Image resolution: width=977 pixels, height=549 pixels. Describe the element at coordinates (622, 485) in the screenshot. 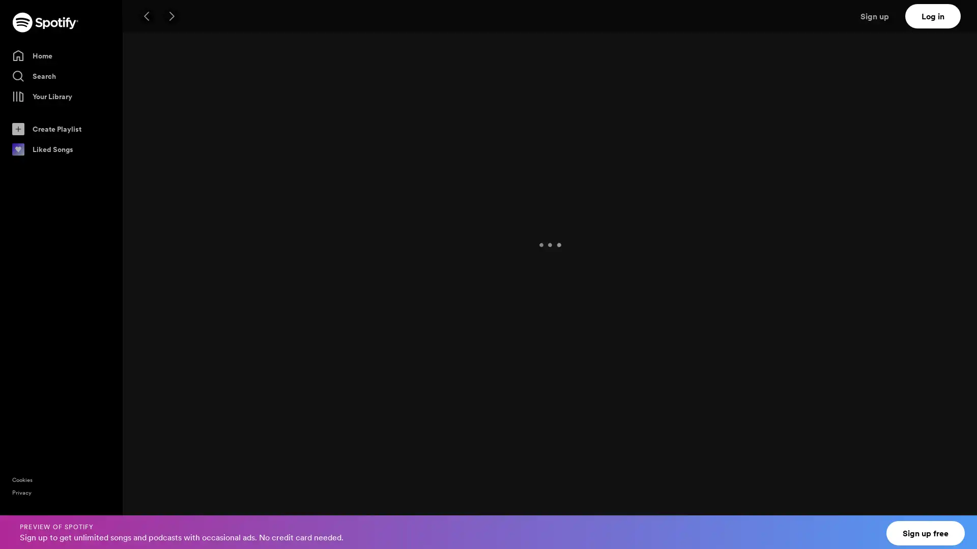

I see `Play Ahe Bane` at that location.